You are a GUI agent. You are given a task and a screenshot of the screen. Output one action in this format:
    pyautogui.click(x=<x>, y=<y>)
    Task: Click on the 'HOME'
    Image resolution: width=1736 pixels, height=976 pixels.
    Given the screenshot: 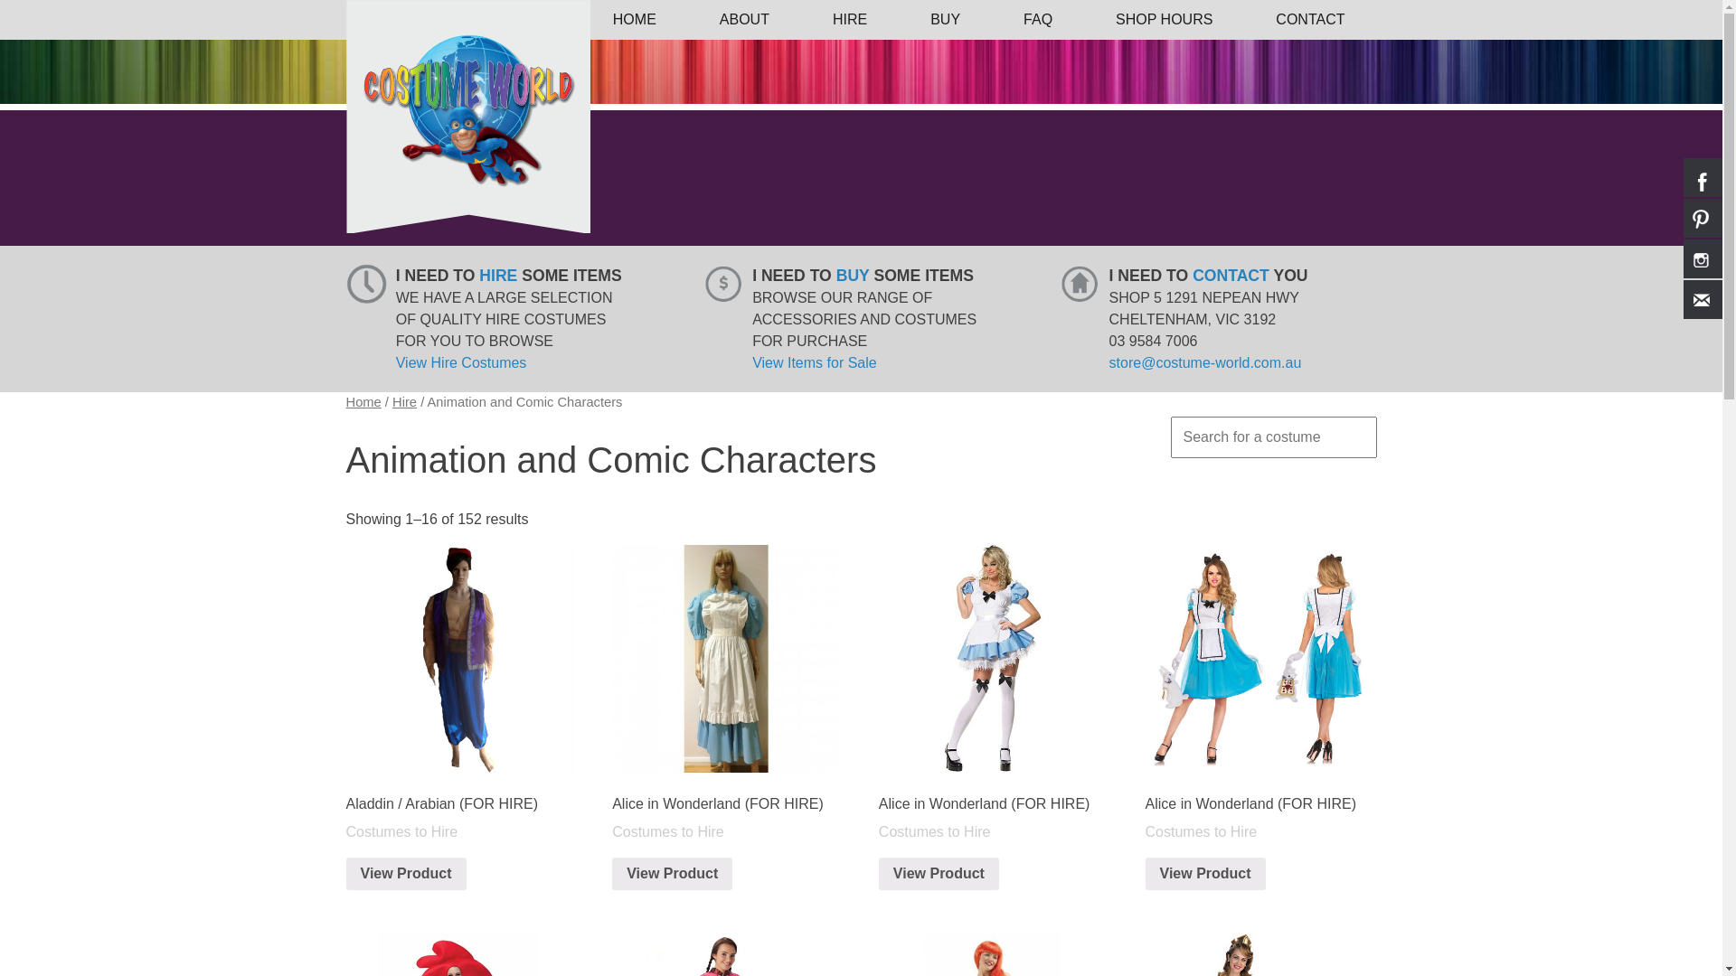 What is the action you would take?
    pyautogui.click(x=603, y=20)
    